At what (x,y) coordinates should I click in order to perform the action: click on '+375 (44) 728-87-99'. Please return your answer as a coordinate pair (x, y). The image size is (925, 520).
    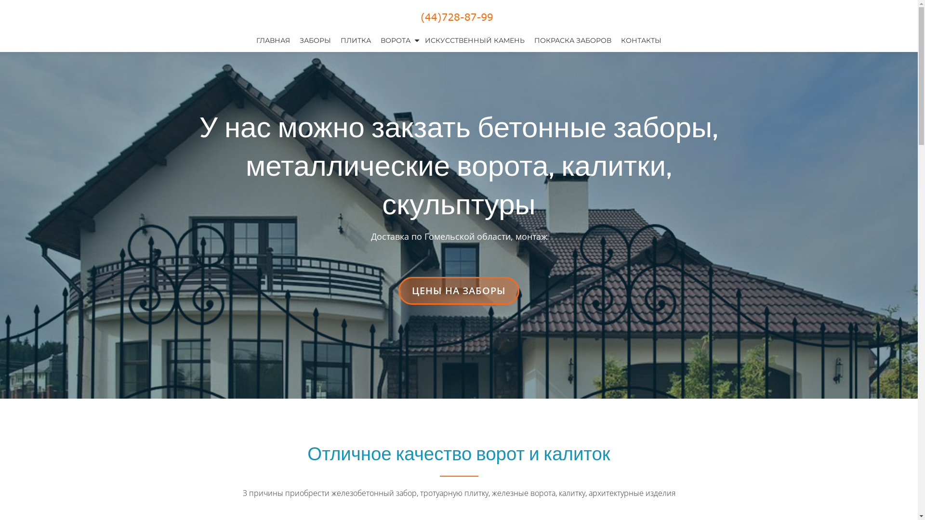
    Looking at the image, I should click on (421, 16).